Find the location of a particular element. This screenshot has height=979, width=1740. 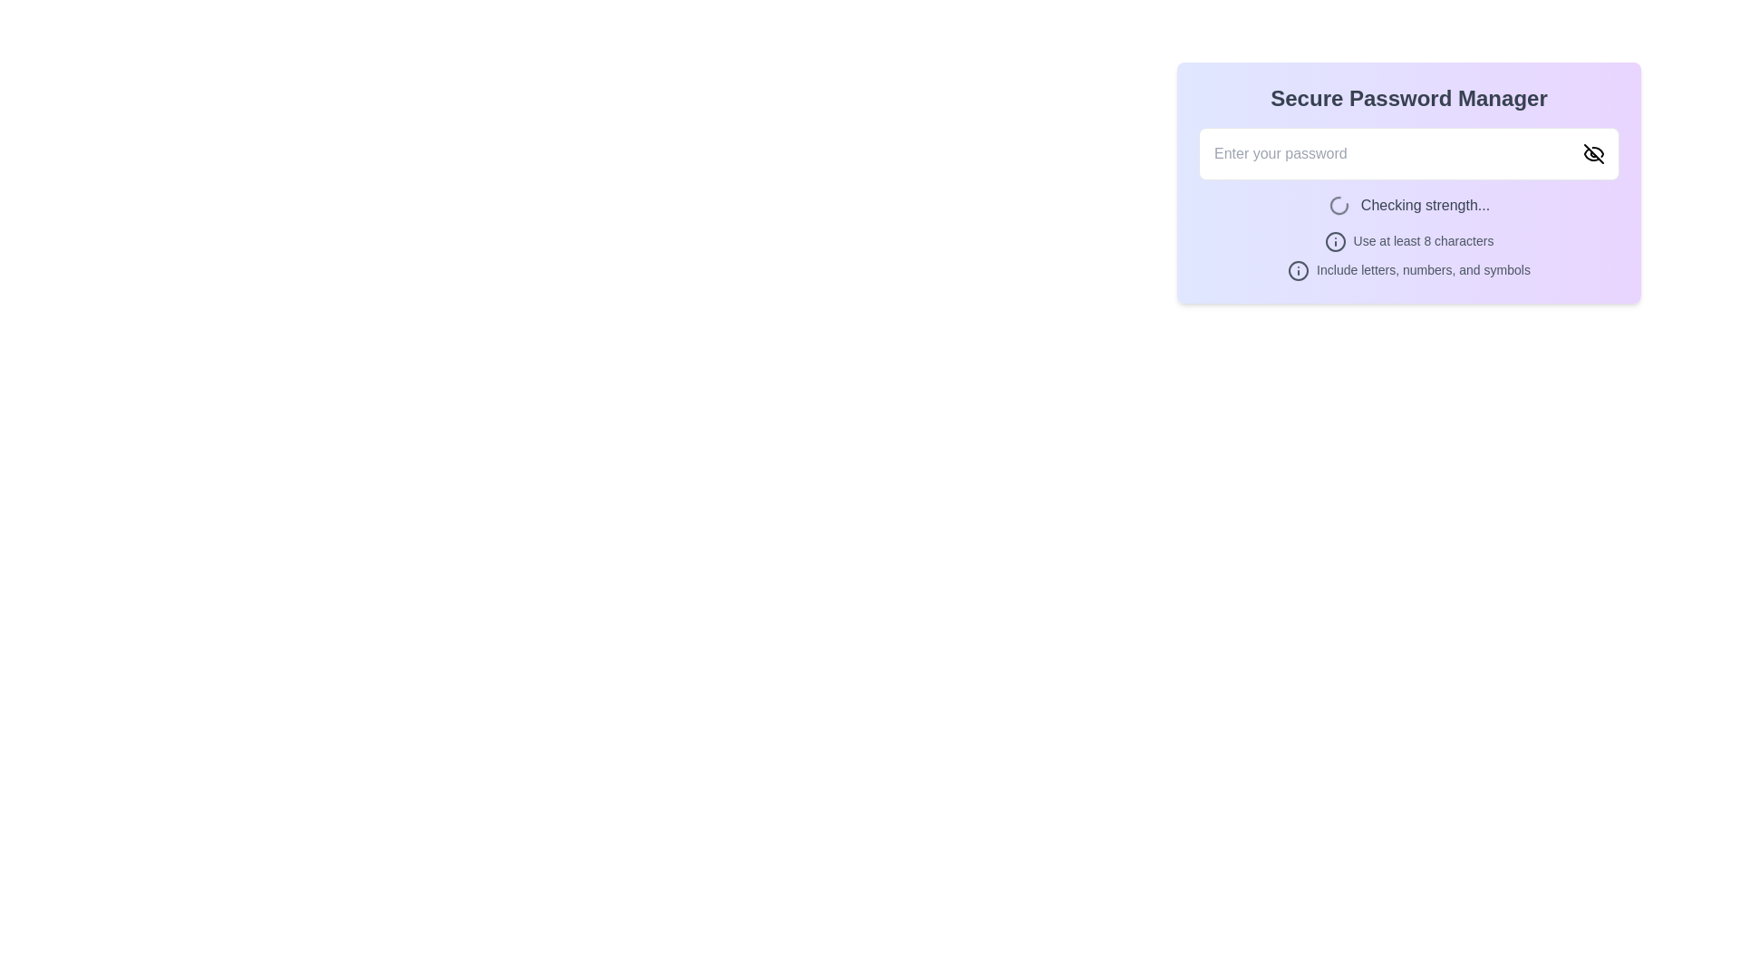

informational text that advises 'Use at least 8 characters' displayed in a sans-serif font, located just below the password strength feedback element is located at coordinates (1408, 240).